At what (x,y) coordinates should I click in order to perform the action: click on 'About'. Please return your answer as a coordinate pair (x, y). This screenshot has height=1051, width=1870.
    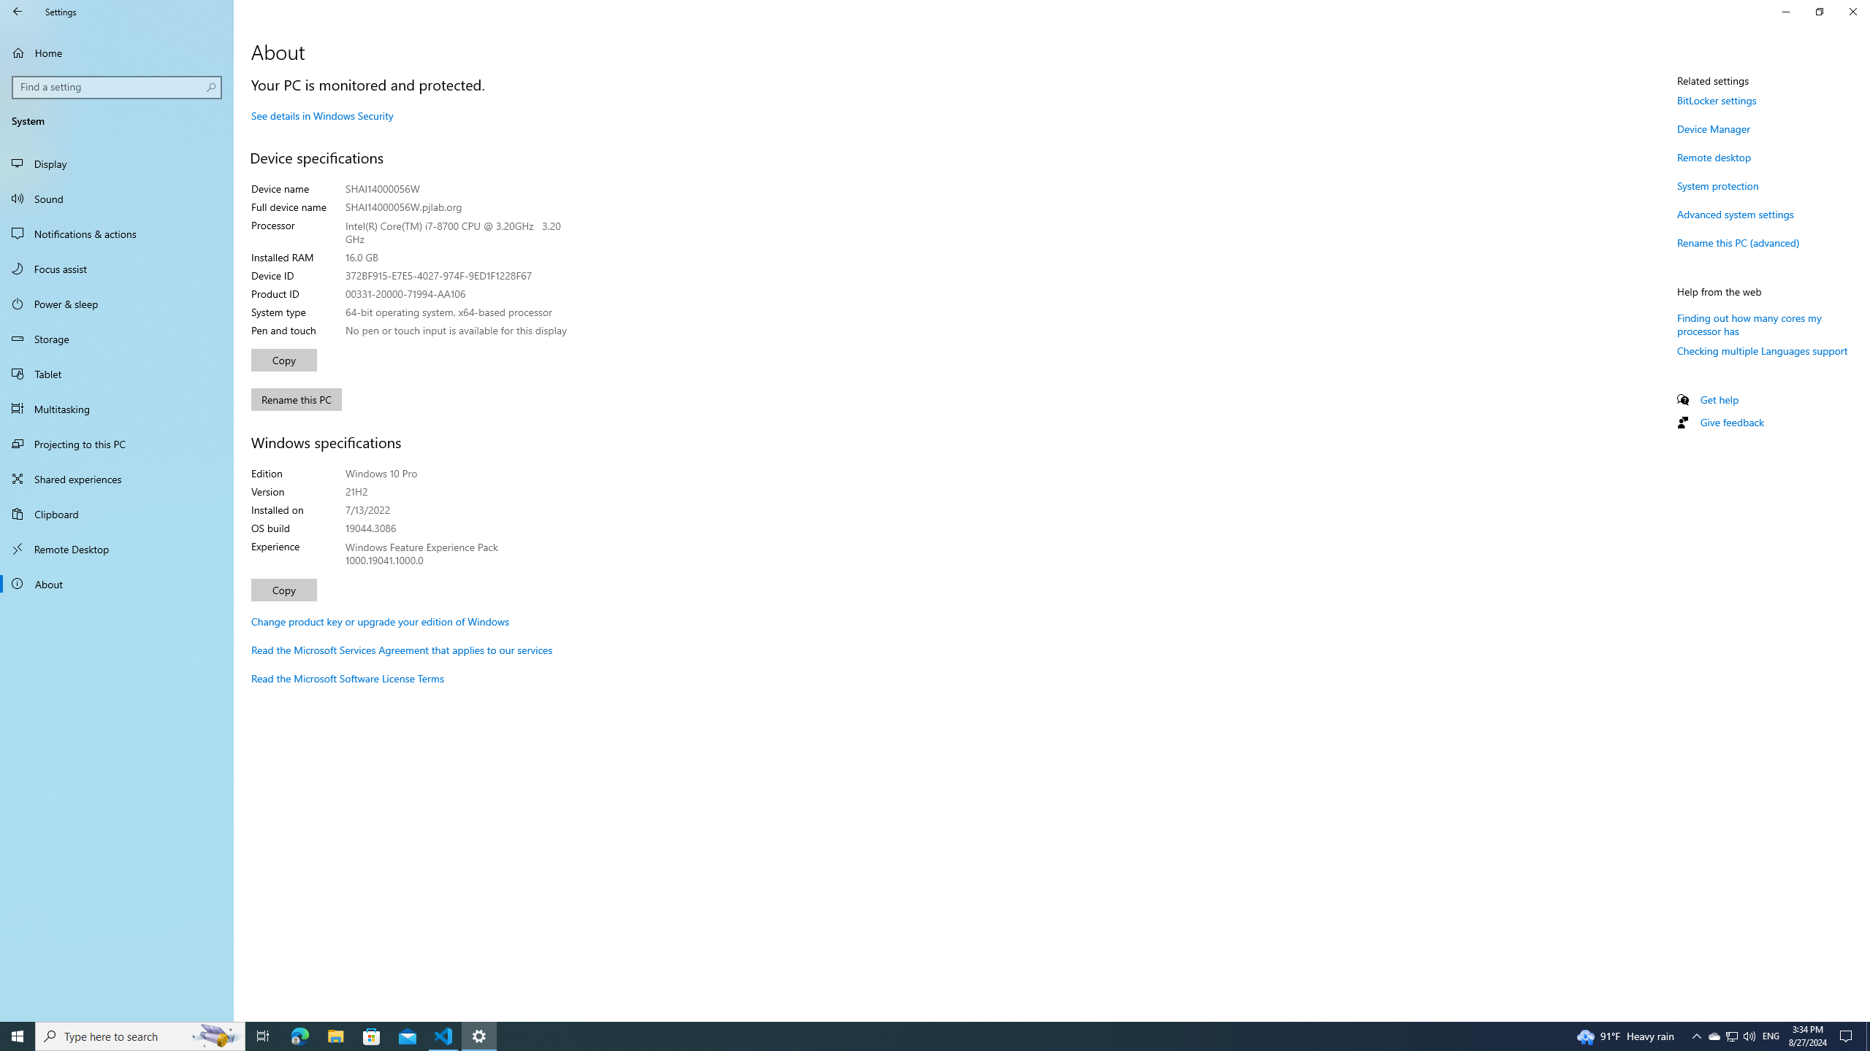
    Looking at the image, I should click on (116, 582).